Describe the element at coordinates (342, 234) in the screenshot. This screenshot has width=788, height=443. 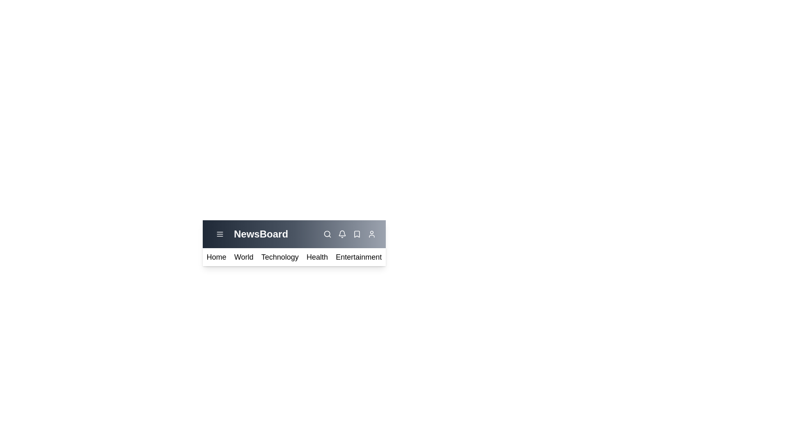
I see `the notification icon (bell icon) to view notifications` at that location.